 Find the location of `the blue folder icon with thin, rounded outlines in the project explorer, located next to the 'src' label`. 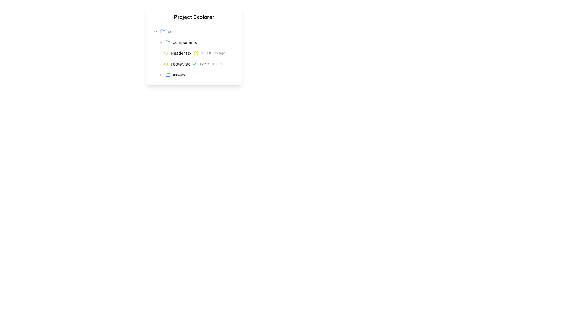

the blue folder icon with thin, rounded outlines in the project explorer, located next to the 'src' label is located at coordinates (163, 31).